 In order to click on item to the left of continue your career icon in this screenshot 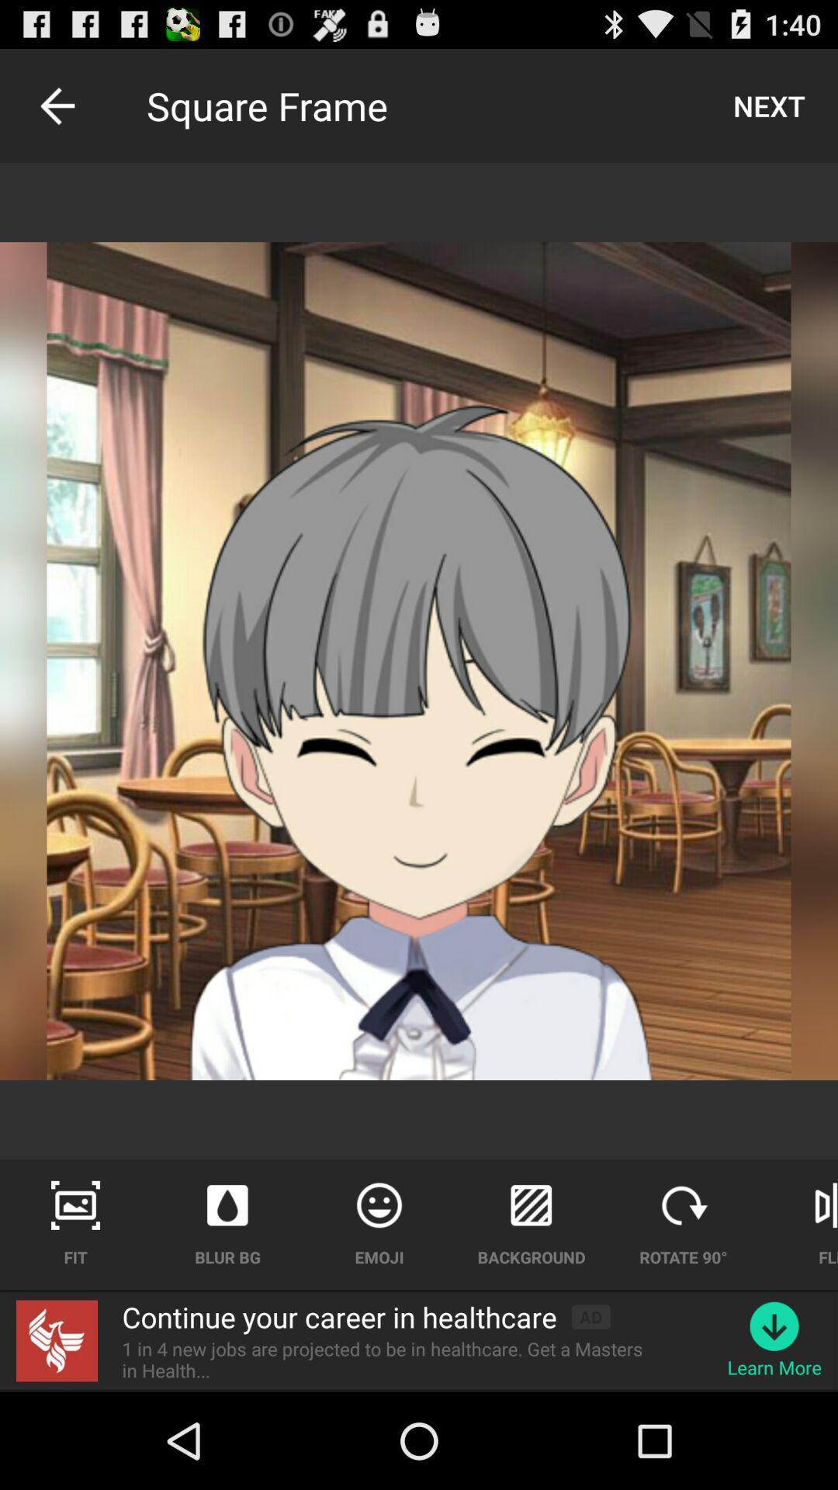, I will do `click(56, 1340)`.